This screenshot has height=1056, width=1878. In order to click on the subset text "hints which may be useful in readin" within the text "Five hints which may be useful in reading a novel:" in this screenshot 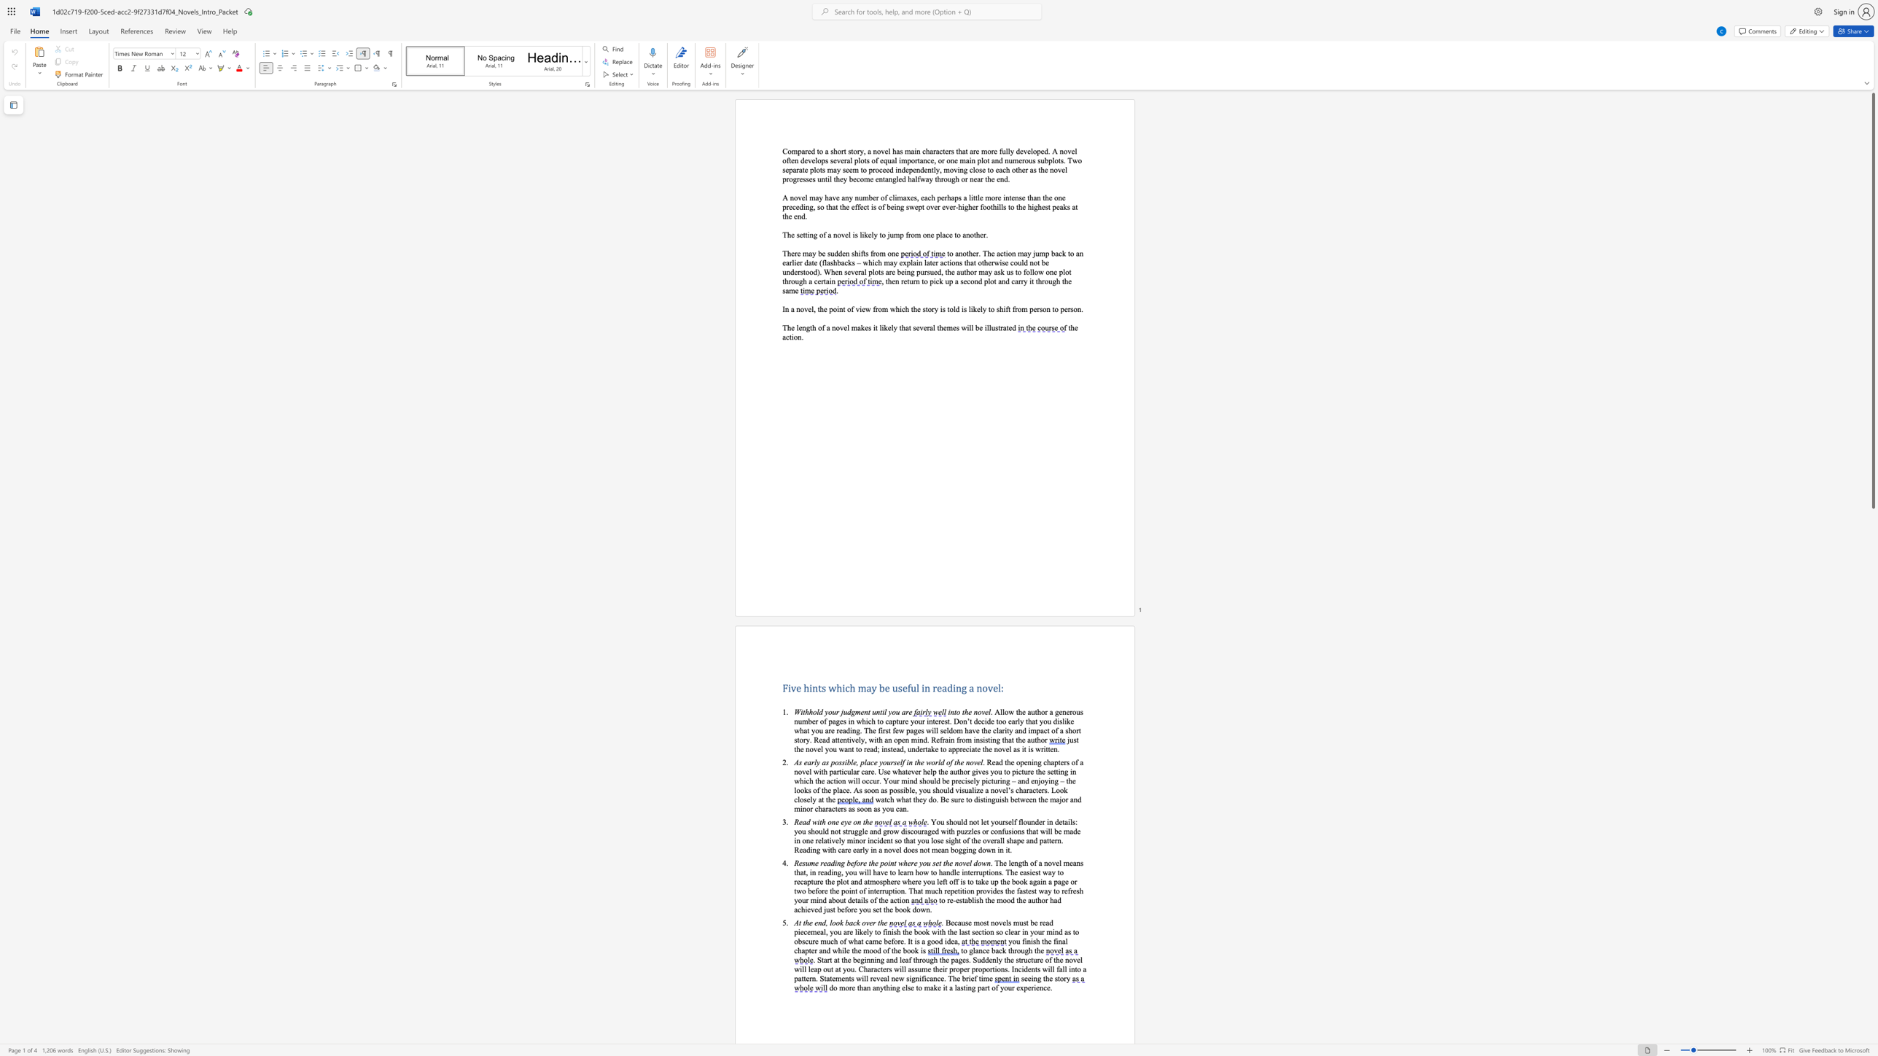, I will do `click(803, 688)`.